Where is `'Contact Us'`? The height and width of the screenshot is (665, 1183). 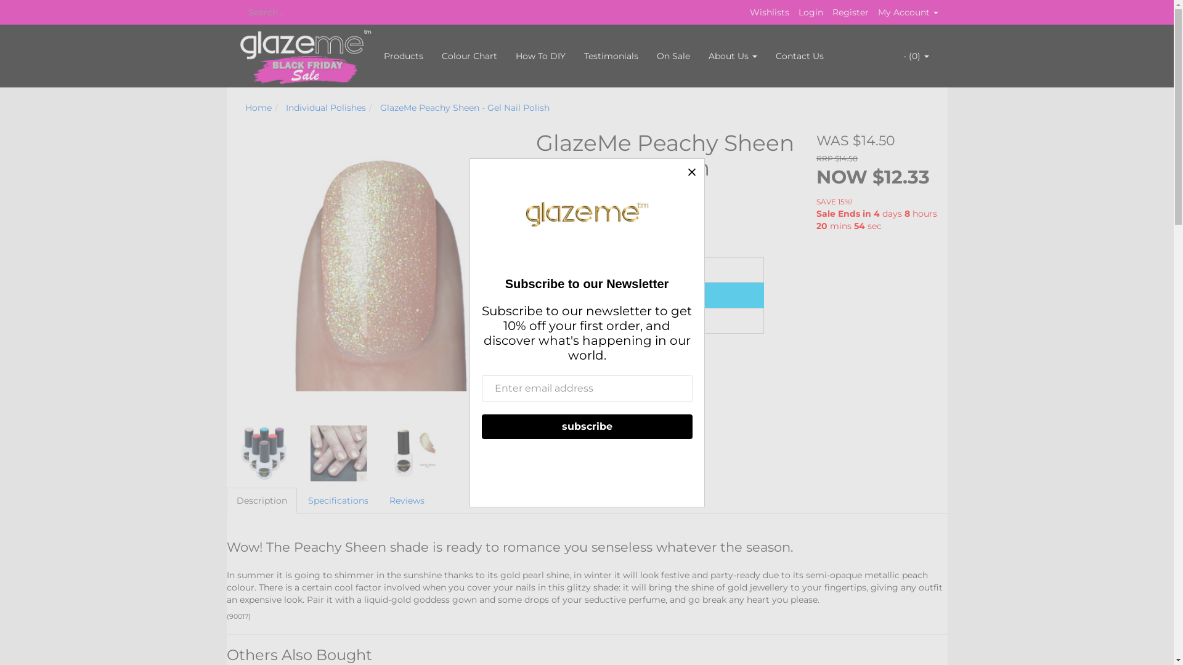
'Contact Us' is located at coordinates (799, 56).